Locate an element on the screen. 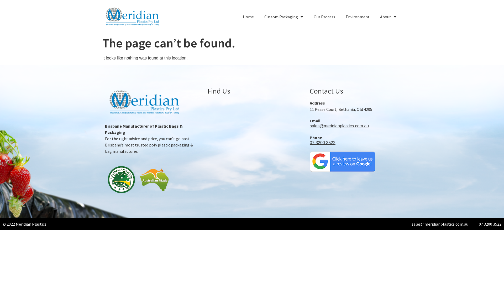  'Environment' is located at coordinates (357, 17).